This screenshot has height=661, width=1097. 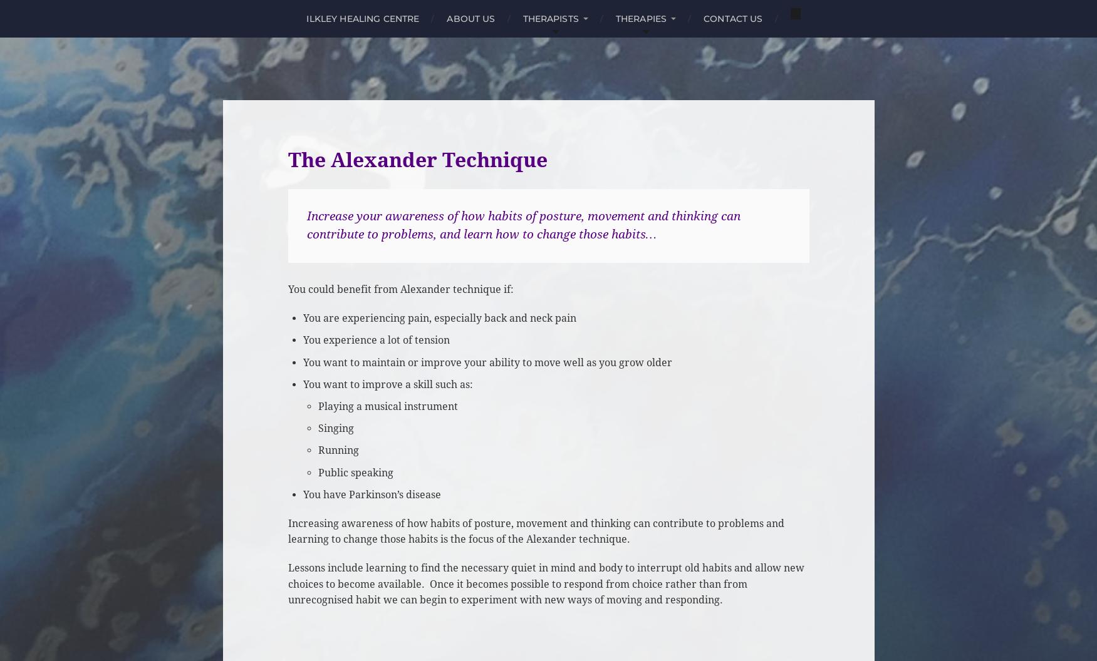 I want to click on 'You could benefit from Alexander technique if:', so click(x=399, y=289).